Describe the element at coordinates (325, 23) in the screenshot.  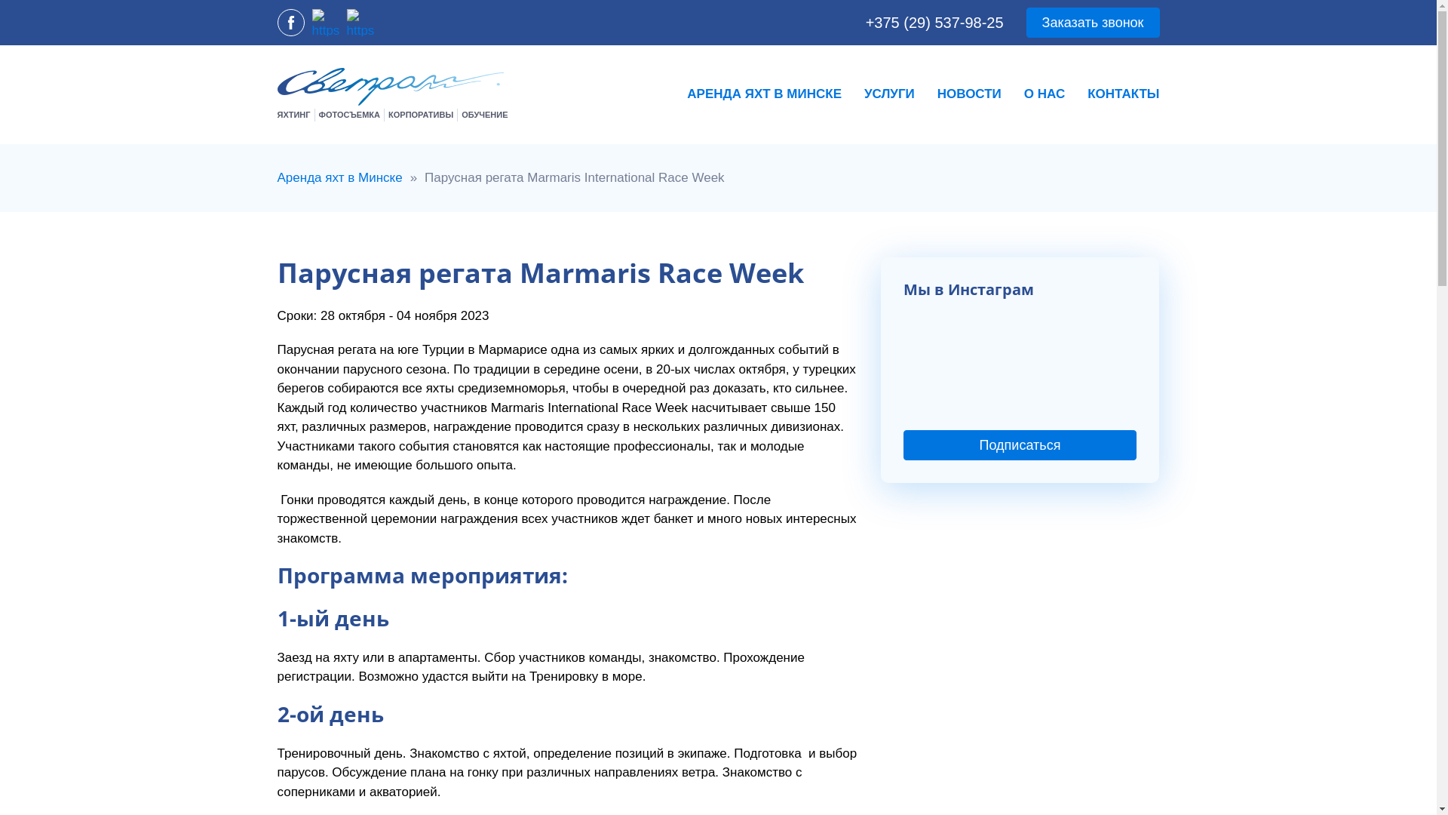
I see `'https://www.instagram.com/svetromby'` at that location.